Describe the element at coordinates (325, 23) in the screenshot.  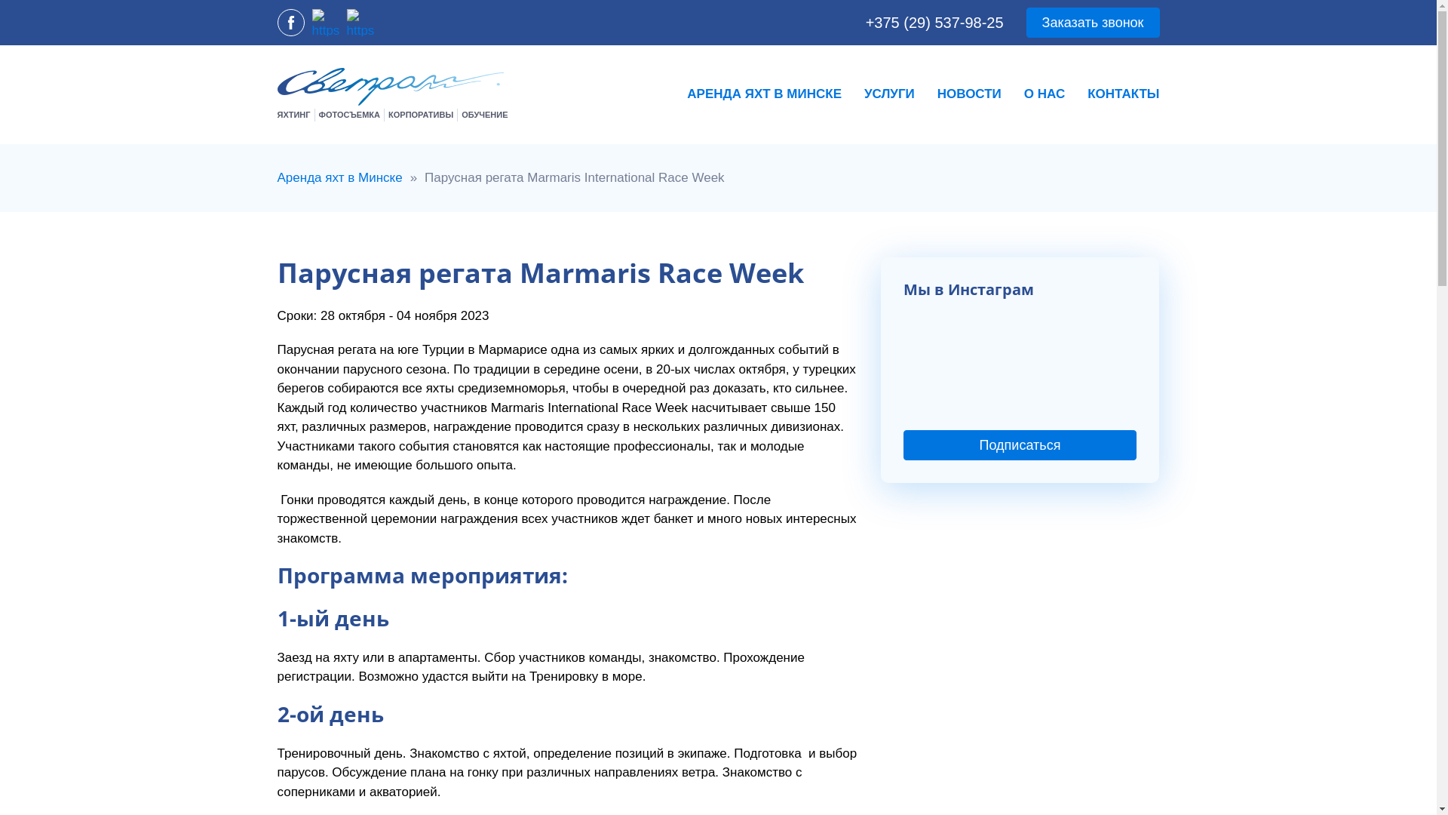
I see `'https://www.instagram.com/svetromby'` at that location.